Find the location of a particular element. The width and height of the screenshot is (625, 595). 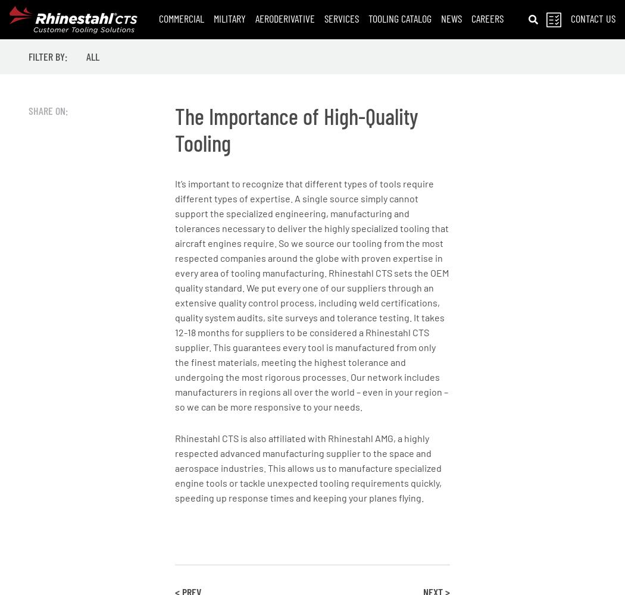

'The Importance of High-Quality Tooling' is located at coordinates (296, 129).